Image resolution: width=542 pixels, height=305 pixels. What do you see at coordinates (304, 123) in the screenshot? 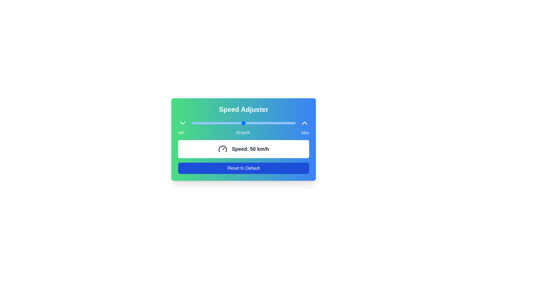
I see `the upward chevron-shaped arrow icon located at the top-left corner of the 'Speed Adjuster' interface` at bounding box center [304, 123].